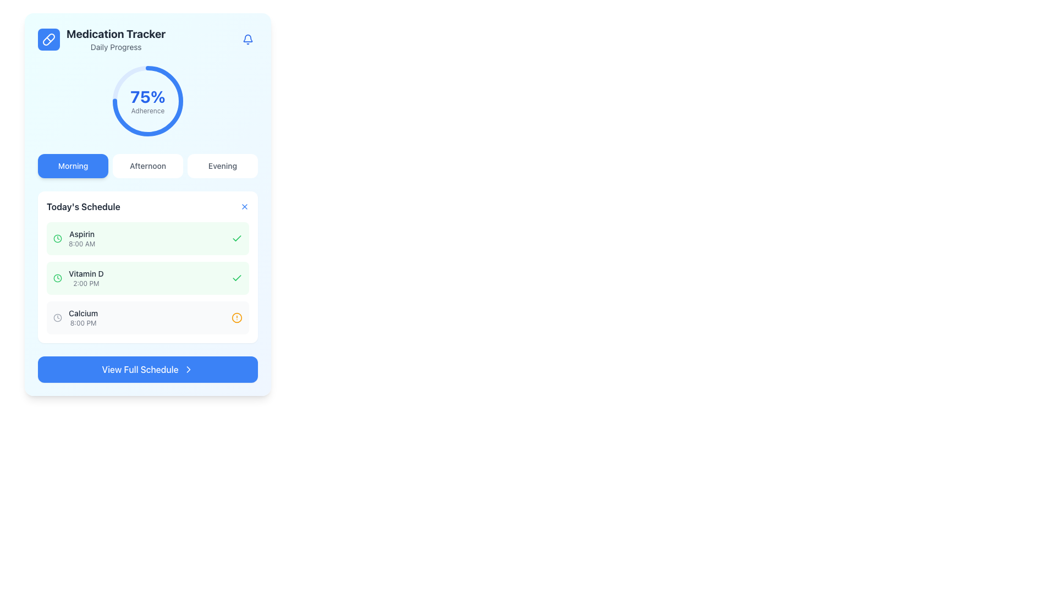 Image resolution: width=1056 pixels, height=594 pixels. What do you see at coordinates (57, 318) in the screenshot?
I see `the circular clock icon representing the scheduling time for 'Calcium 8:00 PM'` at bounding box center [57, 318].